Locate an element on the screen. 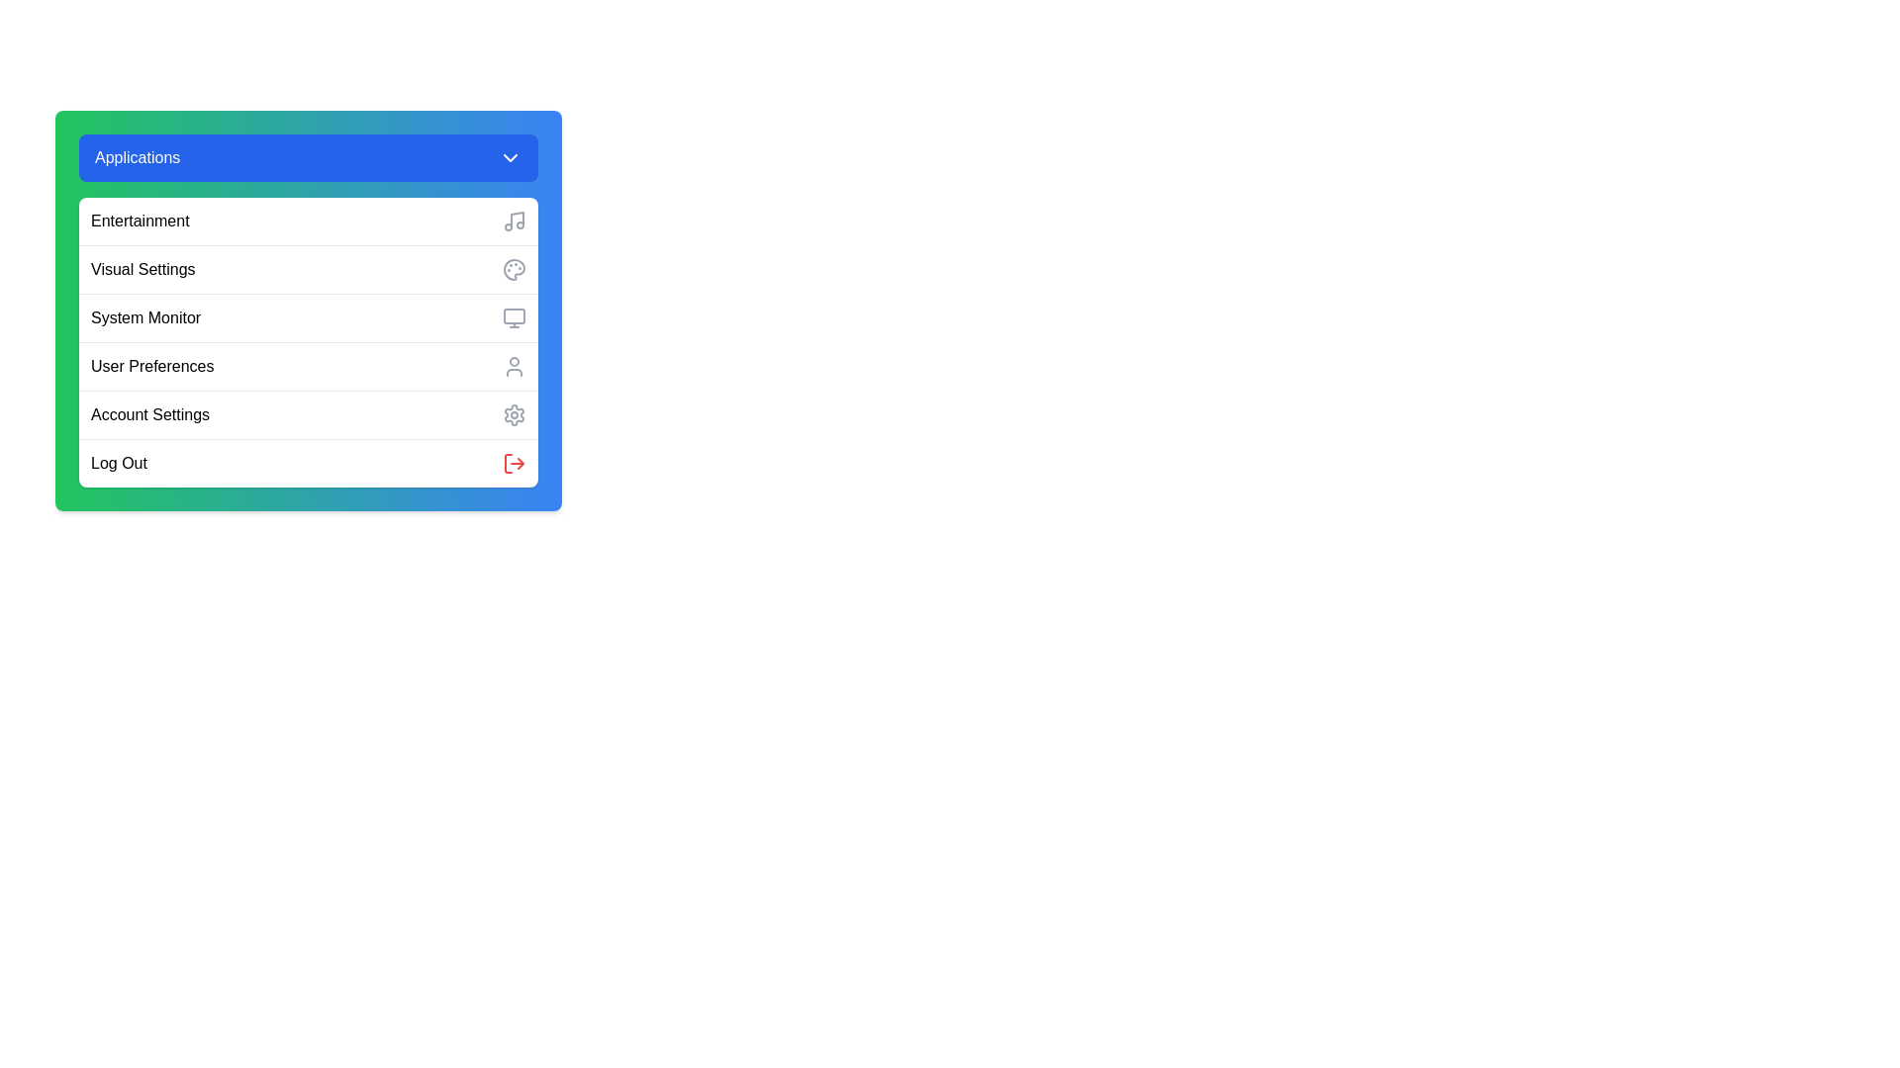  the menu item Account Settings to observe the interaction effect is located at coordinates (308, 413).